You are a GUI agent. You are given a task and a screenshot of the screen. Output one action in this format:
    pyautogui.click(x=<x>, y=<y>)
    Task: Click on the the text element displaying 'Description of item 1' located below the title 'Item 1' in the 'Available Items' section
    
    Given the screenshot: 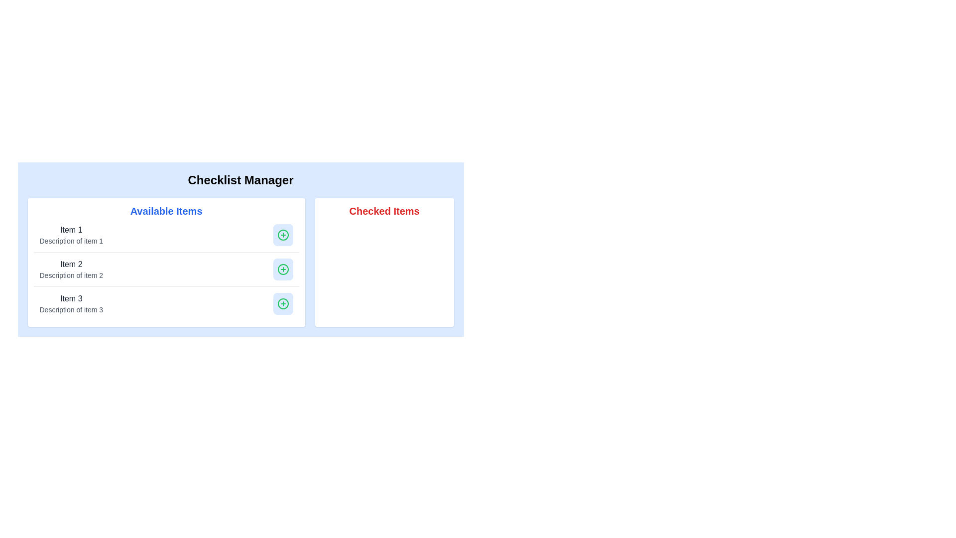 What is the action you would take?
    pyautogui.click(x=71, y=241)
    